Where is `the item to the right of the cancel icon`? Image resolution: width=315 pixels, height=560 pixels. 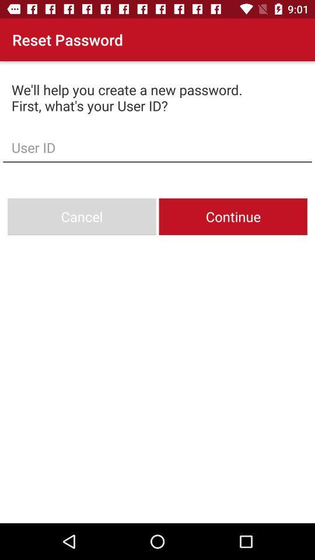
the item to the right of the cancel icon is located at coordinates (233, 216).